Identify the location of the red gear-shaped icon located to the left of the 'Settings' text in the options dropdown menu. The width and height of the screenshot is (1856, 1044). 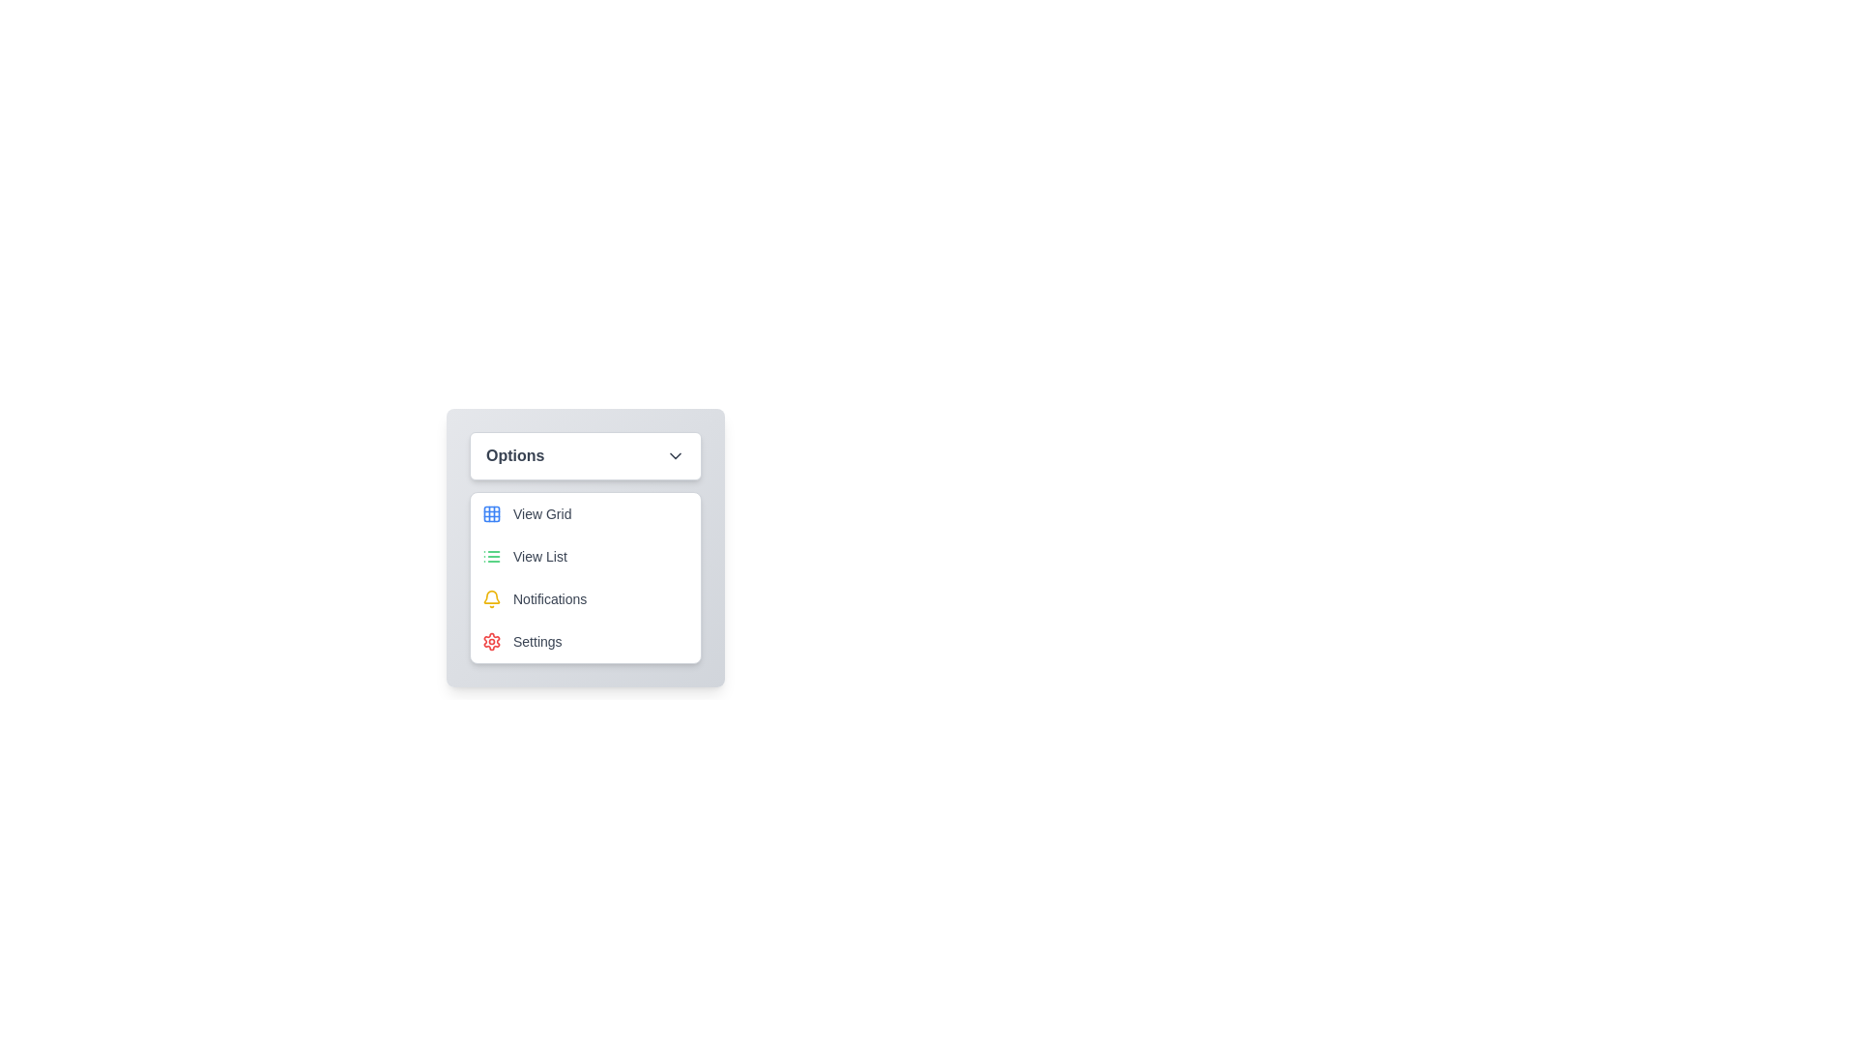
(491, 641).